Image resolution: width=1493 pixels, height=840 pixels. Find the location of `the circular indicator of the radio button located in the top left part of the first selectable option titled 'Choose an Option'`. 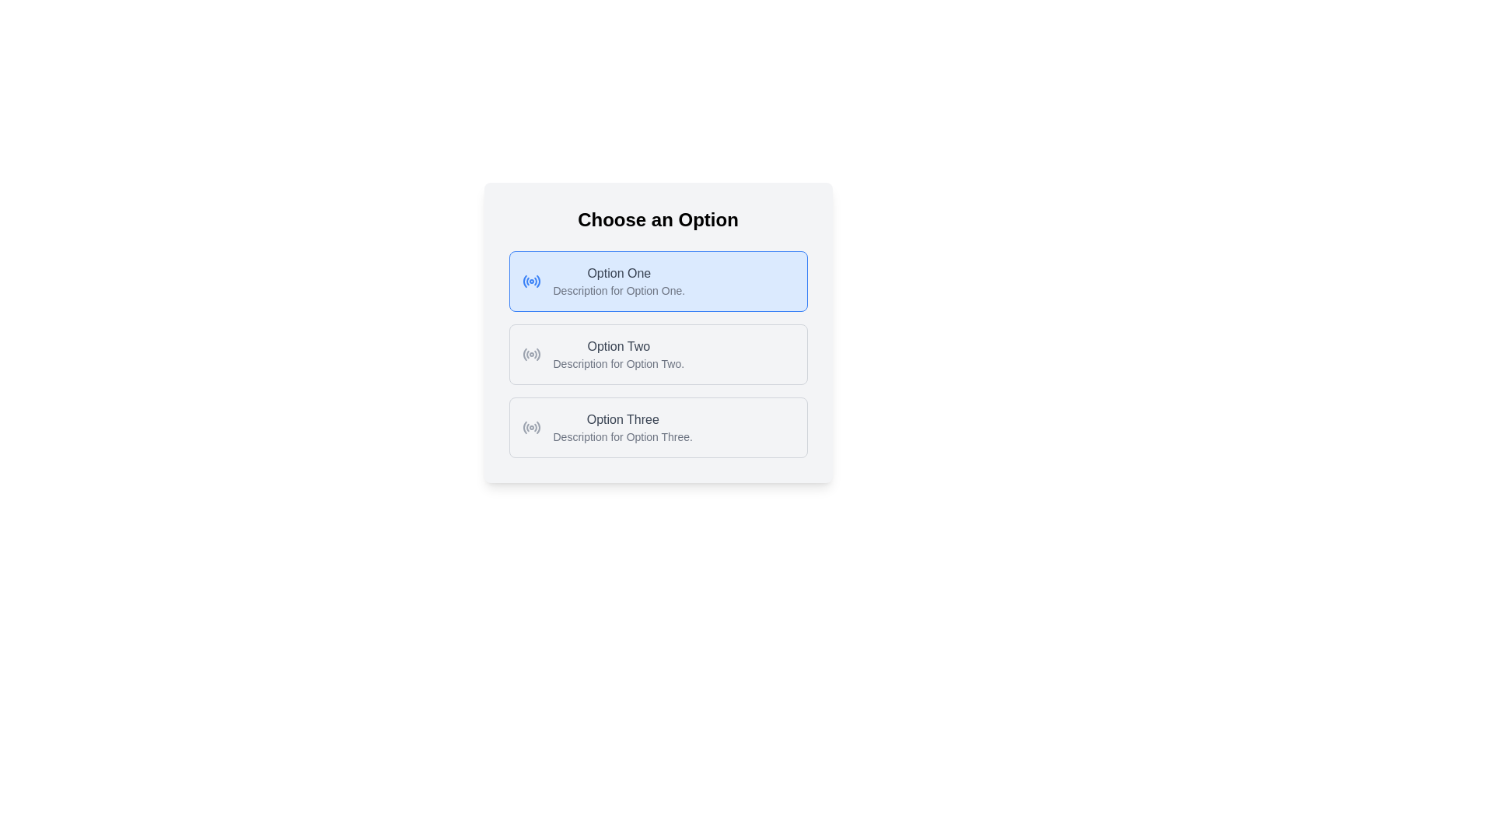

the circular indicator of the radio button located in the top left part of the first selectable option titled 'Choose an Option' is located at coordinates (537, 281).